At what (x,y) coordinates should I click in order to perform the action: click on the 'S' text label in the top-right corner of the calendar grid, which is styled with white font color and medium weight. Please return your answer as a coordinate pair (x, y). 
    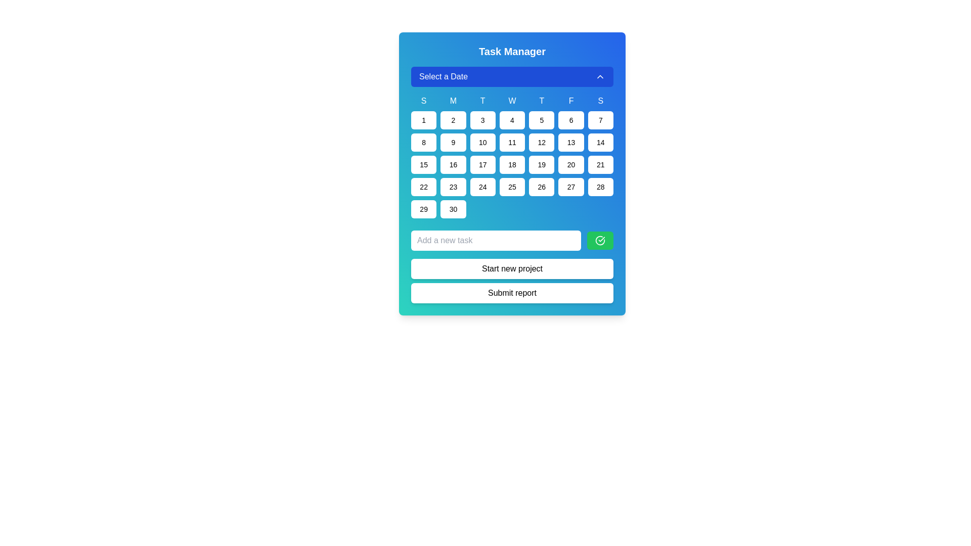
    Looking at the image, I should click on (600, 101).